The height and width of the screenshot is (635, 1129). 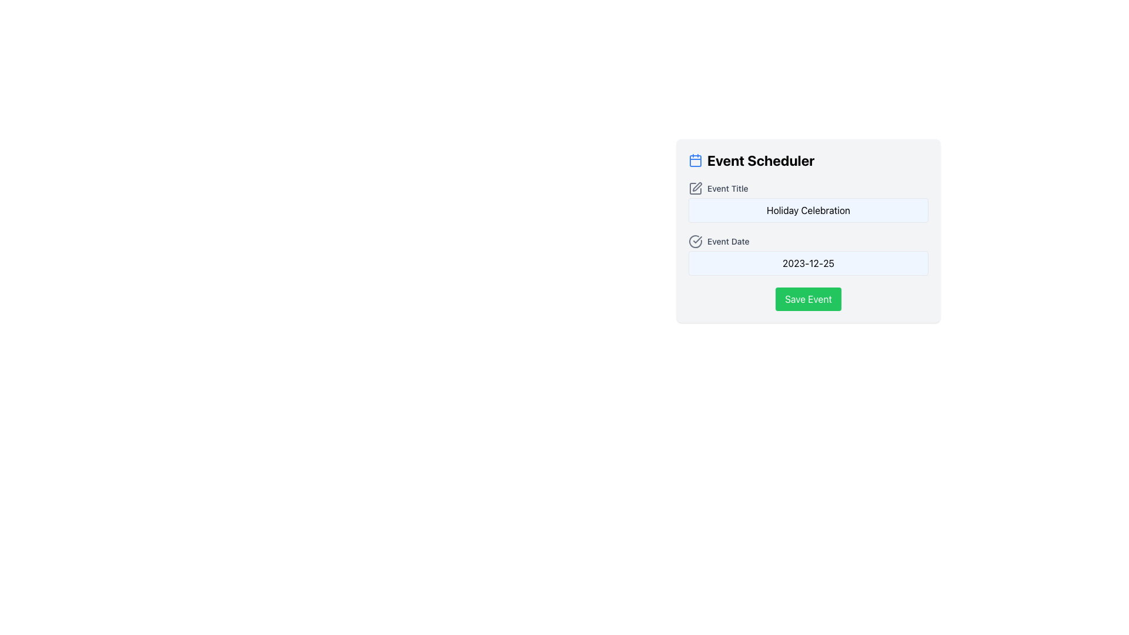 I want to click on displayed date from the Date Display Field, which shows '2023-12-25' below the 'Event Date' label in the Event Scheduler card, so click(x=807, y=255).